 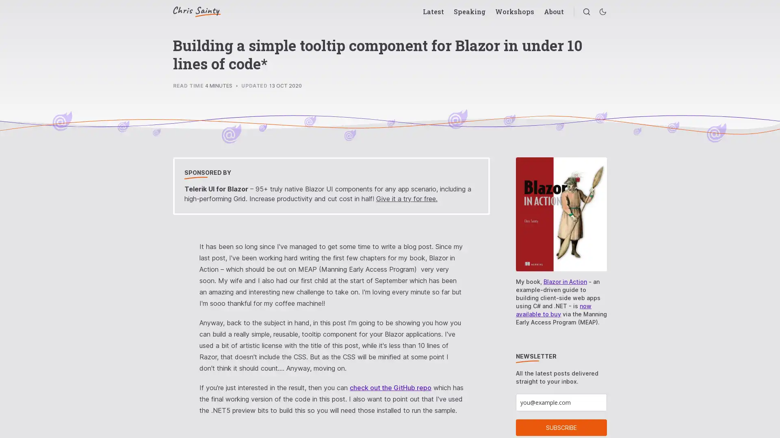 I want to click on SUBSCRIBE, so click(x=561, y=427).